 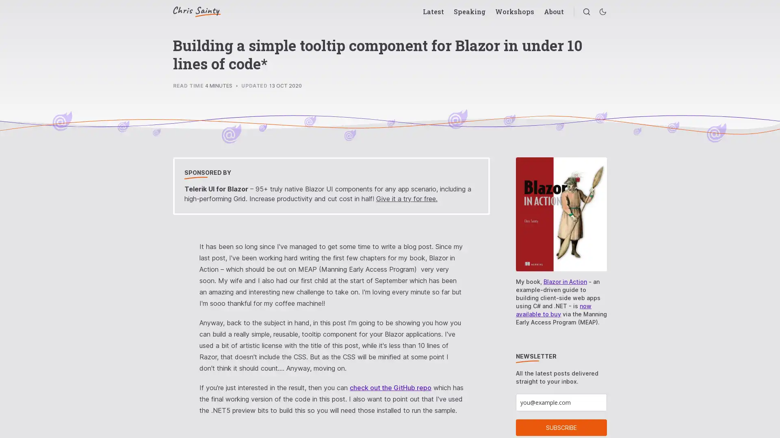 I want to click on SUBSCRIBE, so click(x=561, y=427).